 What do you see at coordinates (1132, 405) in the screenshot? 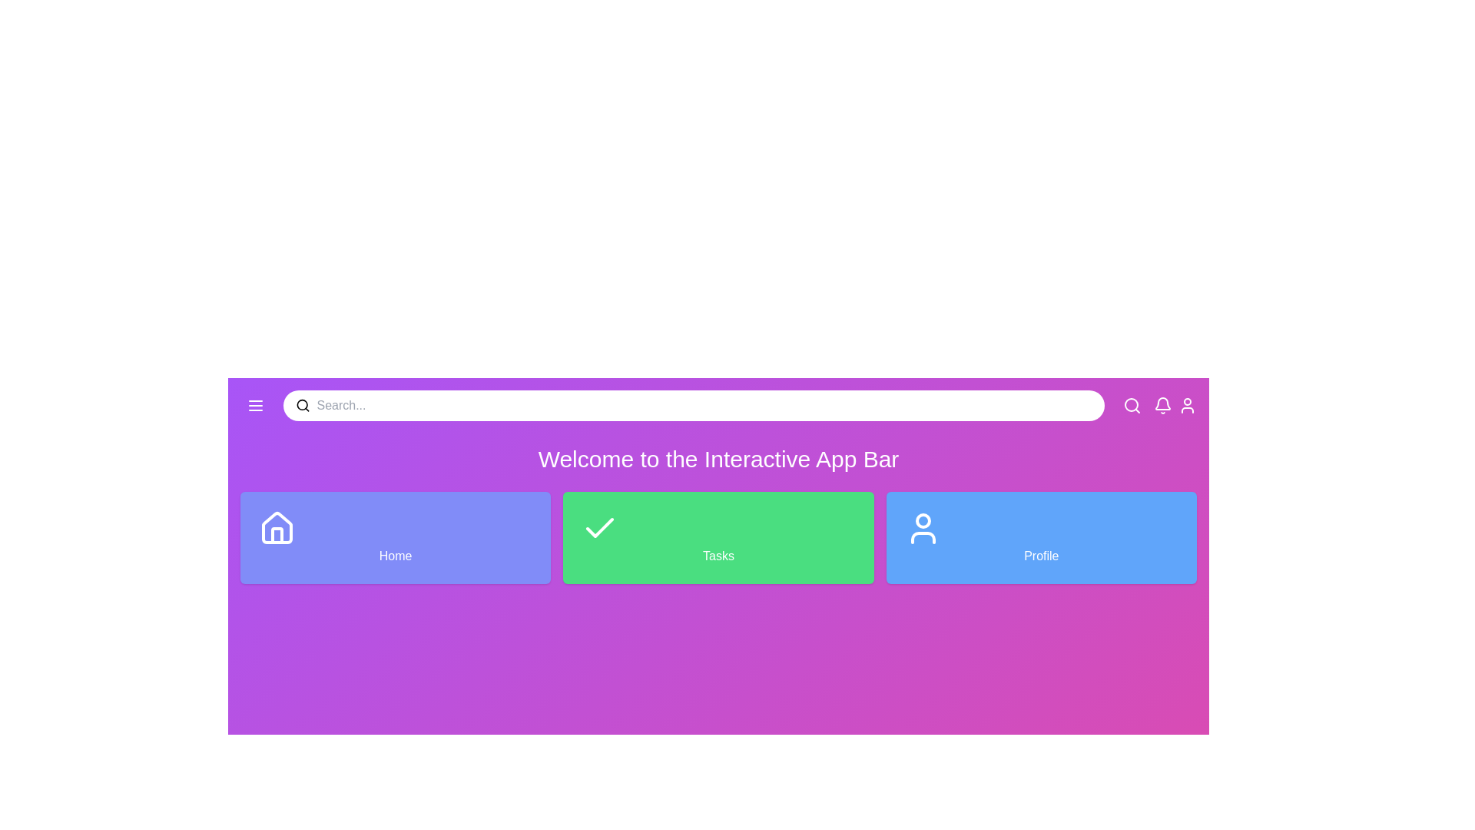
I see `the navigation button search` at bounding box center [1132, 405].